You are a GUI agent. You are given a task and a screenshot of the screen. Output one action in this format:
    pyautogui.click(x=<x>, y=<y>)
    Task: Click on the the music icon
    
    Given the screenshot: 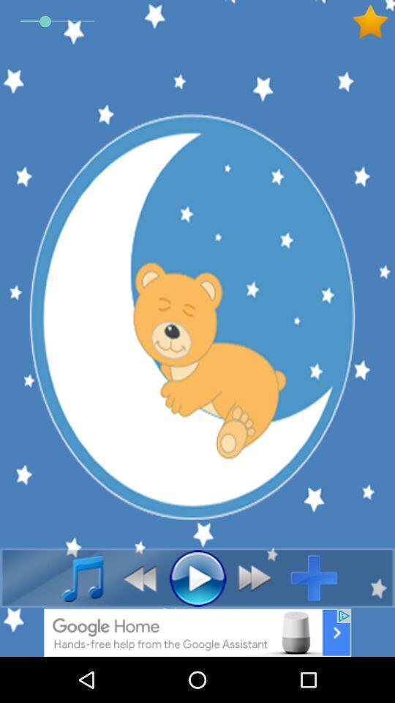 What is the action you would take?
    pyautogui.click(x=75, y=578)
    